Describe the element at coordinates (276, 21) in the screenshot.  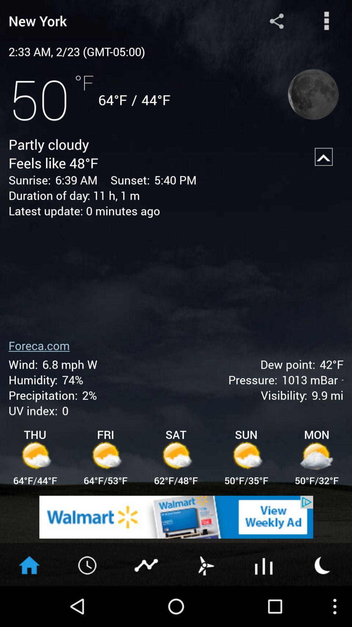
I see `this button share the data on social media` at that location.